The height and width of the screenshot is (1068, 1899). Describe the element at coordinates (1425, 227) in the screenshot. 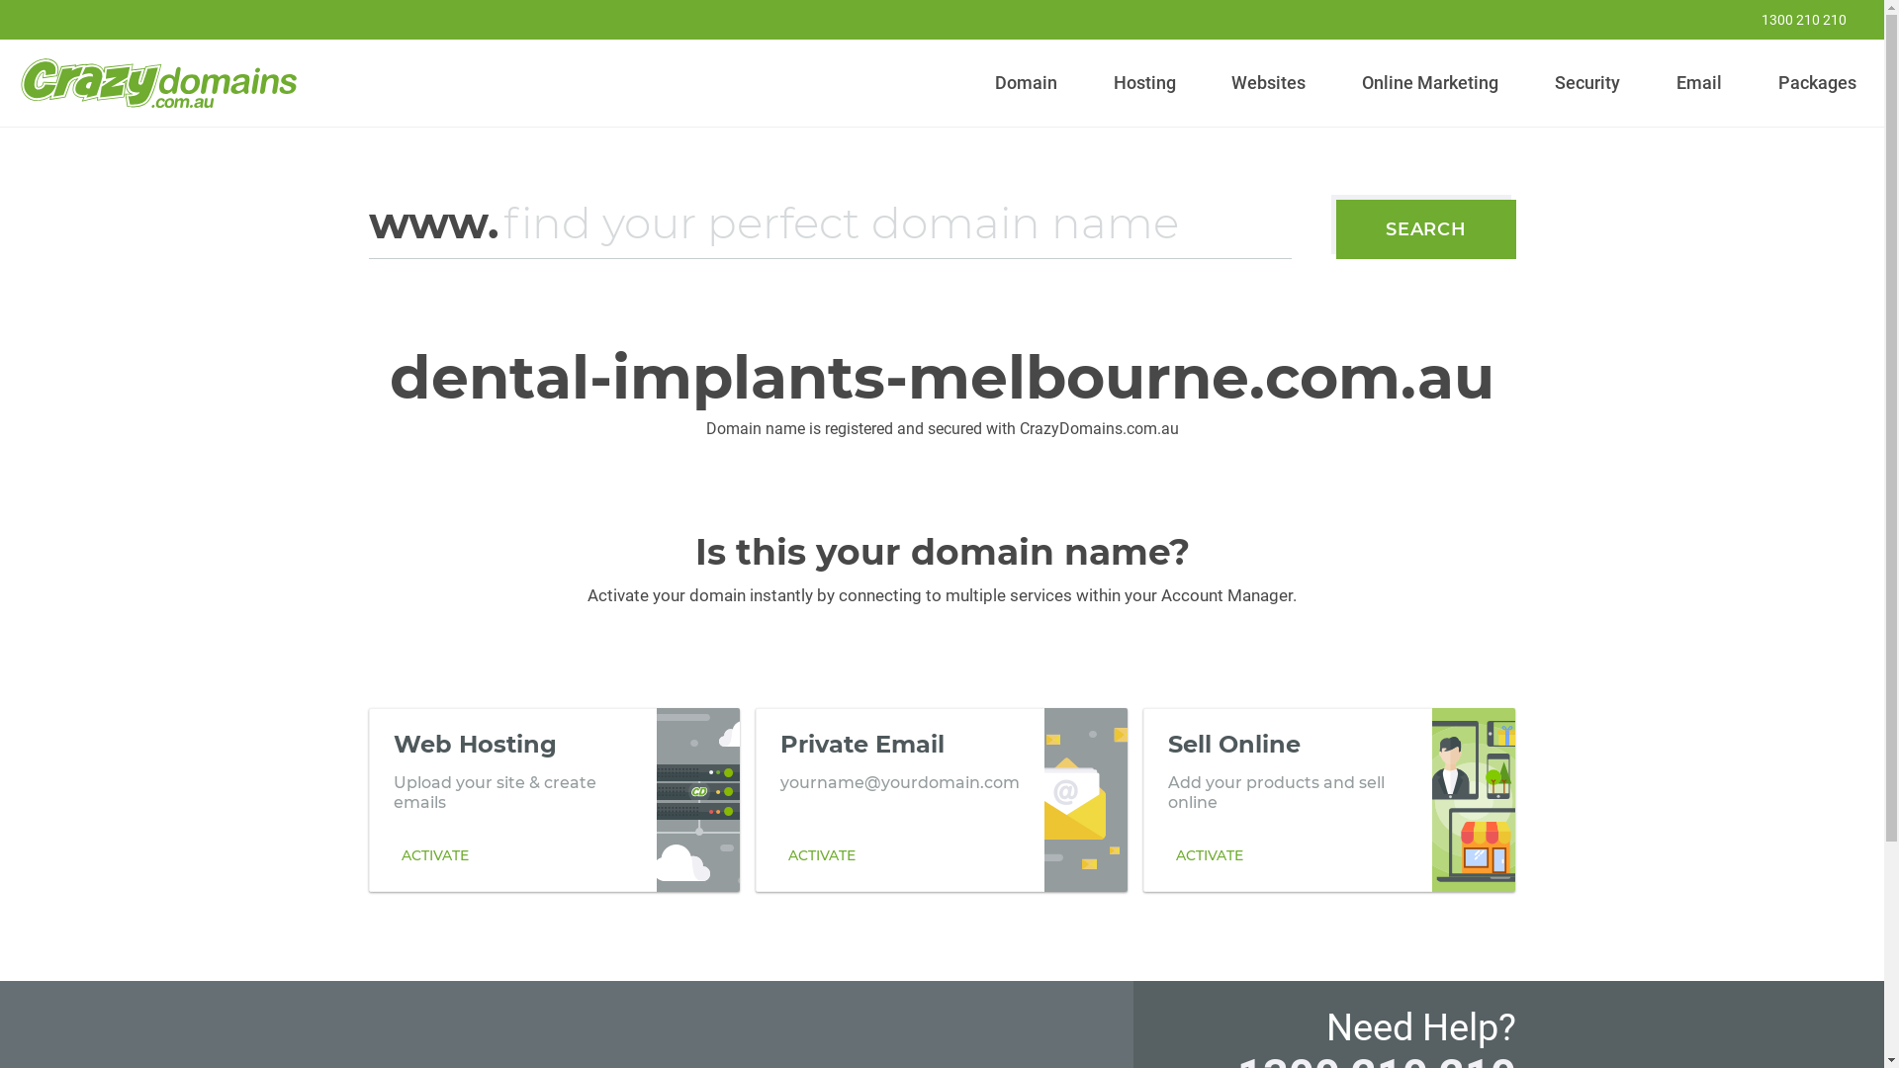

I see `'SEARCH'` at that location.